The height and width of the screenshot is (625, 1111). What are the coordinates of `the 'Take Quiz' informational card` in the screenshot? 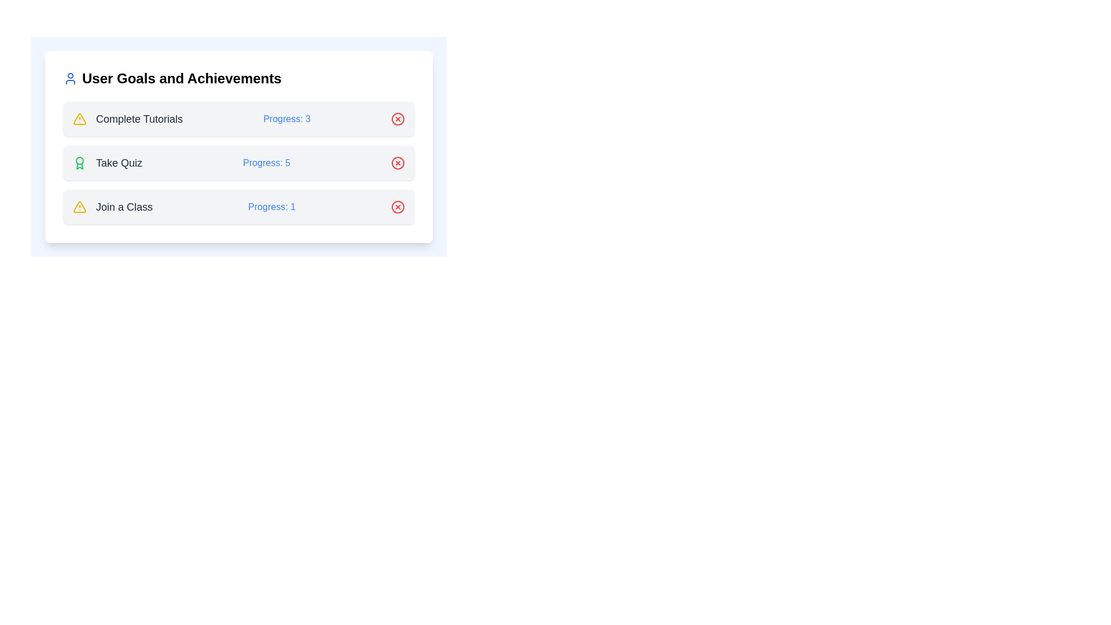 It's located at (238, 163).